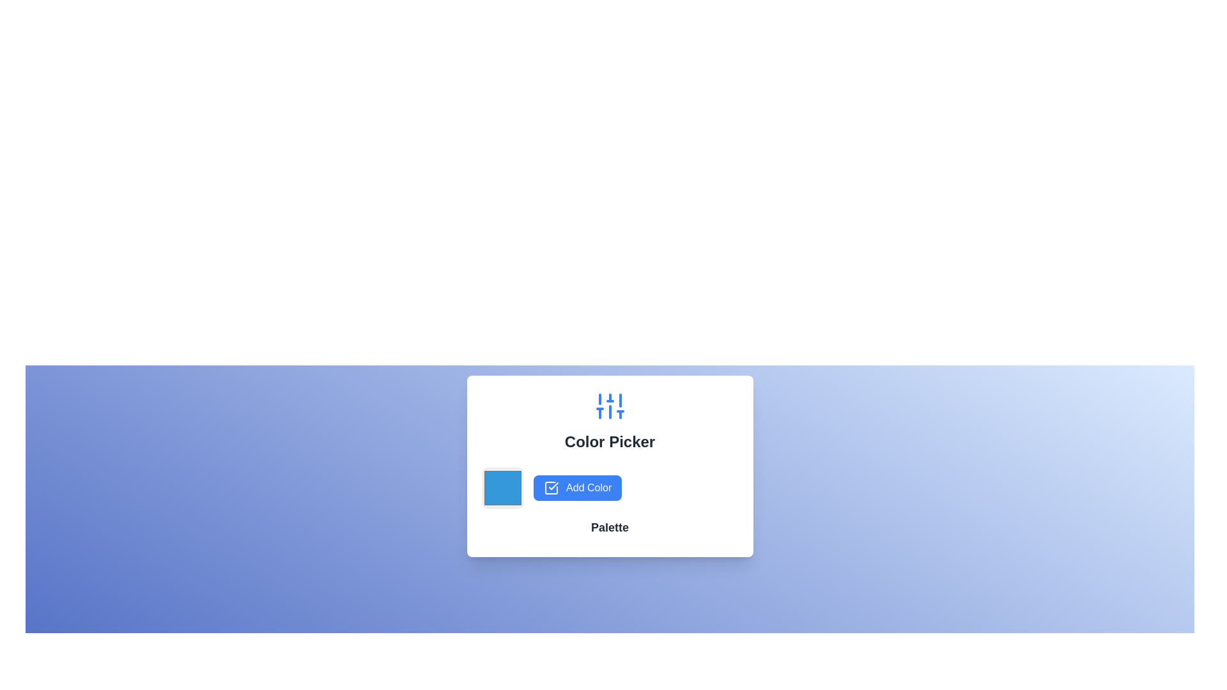 The height and width of the screenshot is (690, 1227). Describe the element at coordinates (576, 487) in the screenshot. I see `the 'Add Color' button with a blue background and white text for keyboard navigation` at that location.